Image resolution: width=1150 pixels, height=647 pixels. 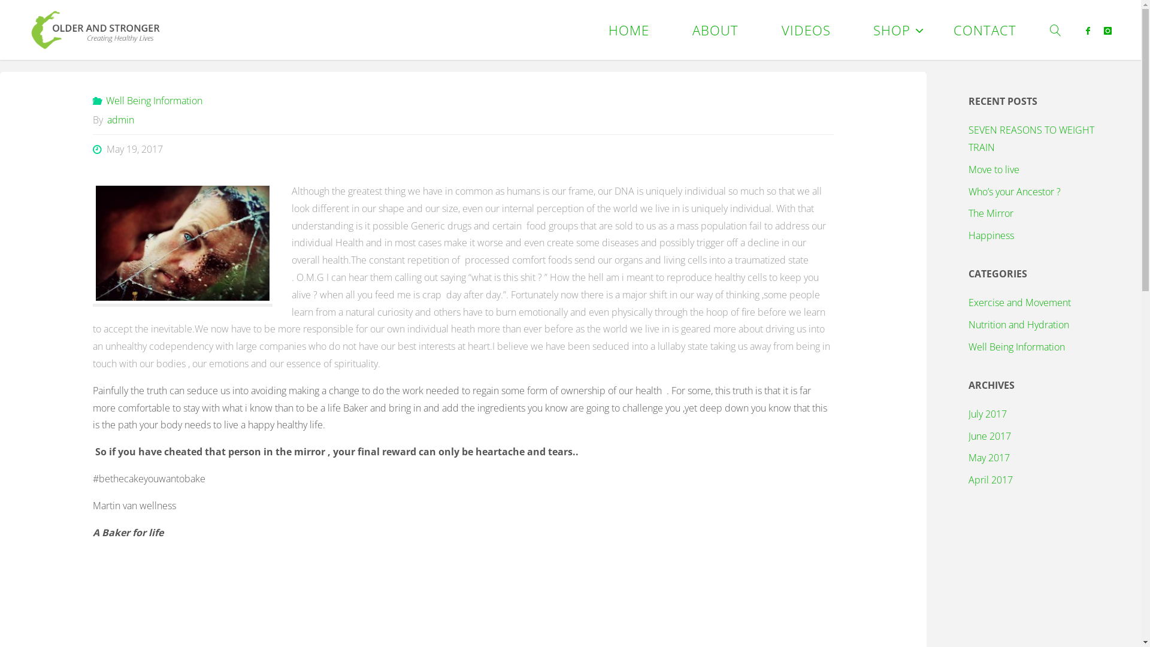 I want to click on 'Nutrition and Hydration', so click(x=1018, y=325).